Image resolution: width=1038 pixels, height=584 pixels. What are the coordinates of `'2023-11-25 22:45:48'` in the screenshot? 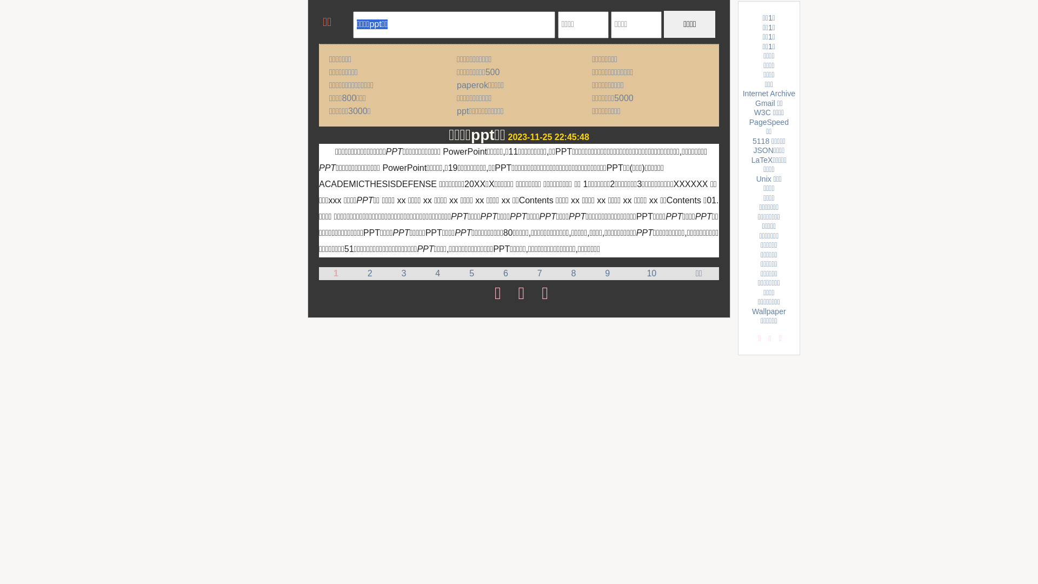 It's located at (548, 136).